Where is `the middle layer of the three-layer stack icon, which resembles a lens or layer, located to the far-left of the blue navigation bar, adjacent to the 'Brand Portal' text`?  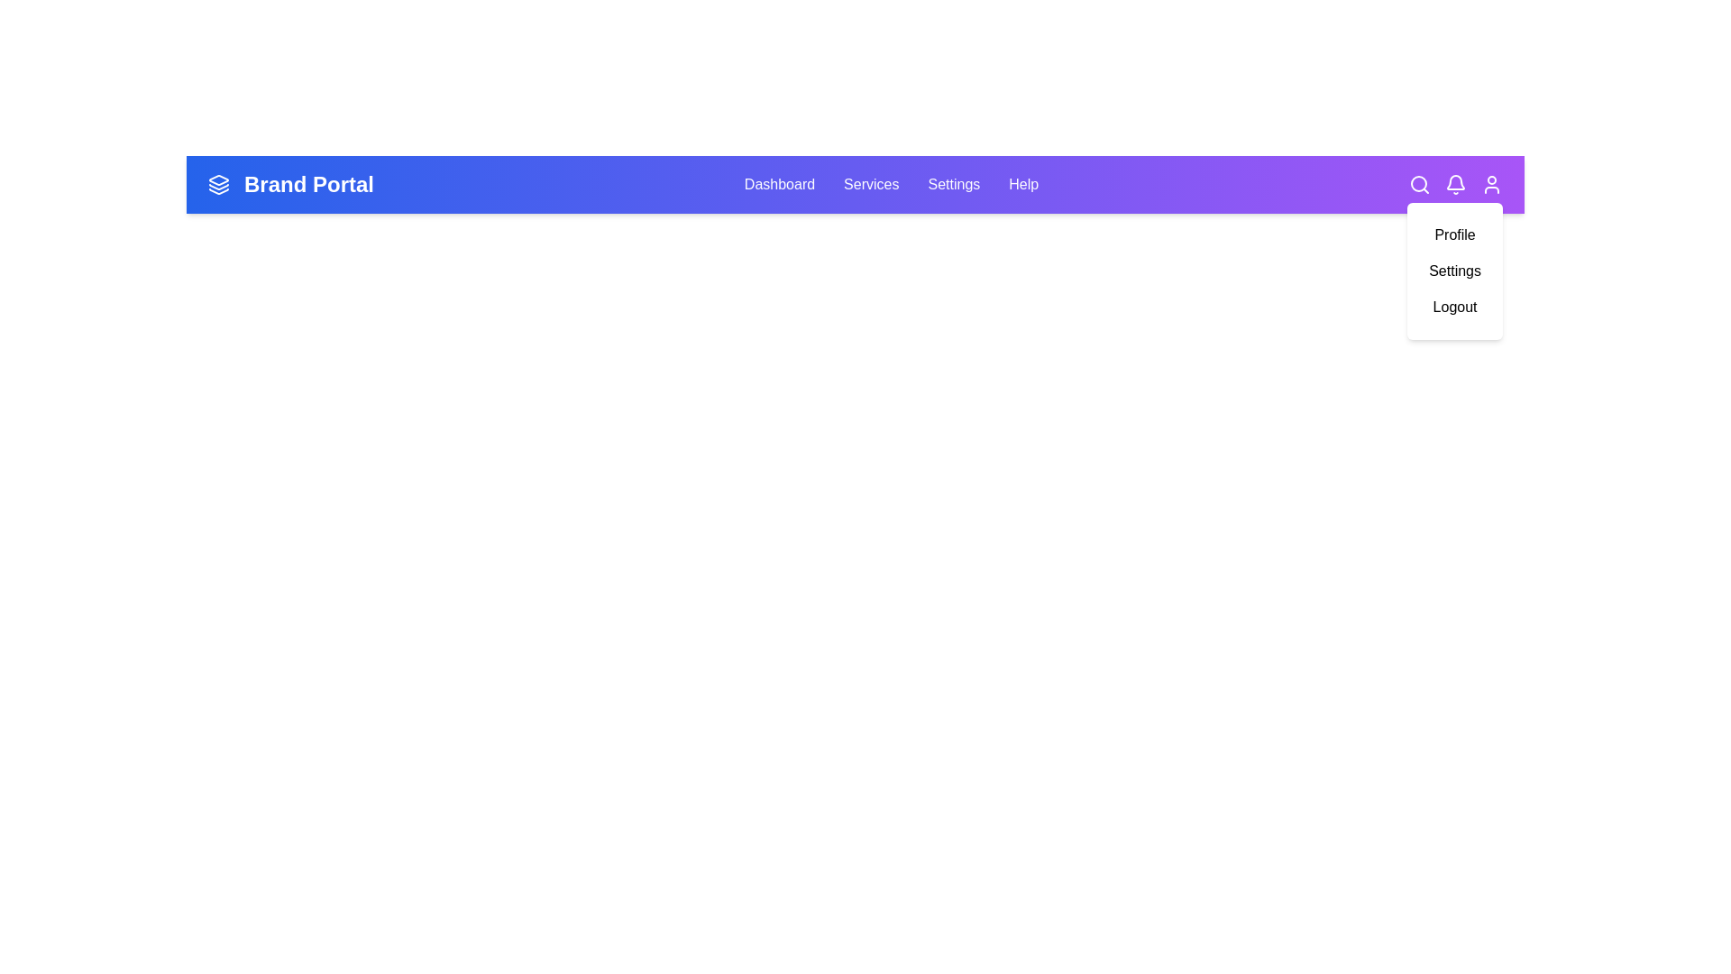
the middle layer of the three-layer stack icon, which resembles a lens or layer, located to the far-left of the blue navigation bar, adjacent to the 'Brand Portal' text is located at coordinates (218, 187).